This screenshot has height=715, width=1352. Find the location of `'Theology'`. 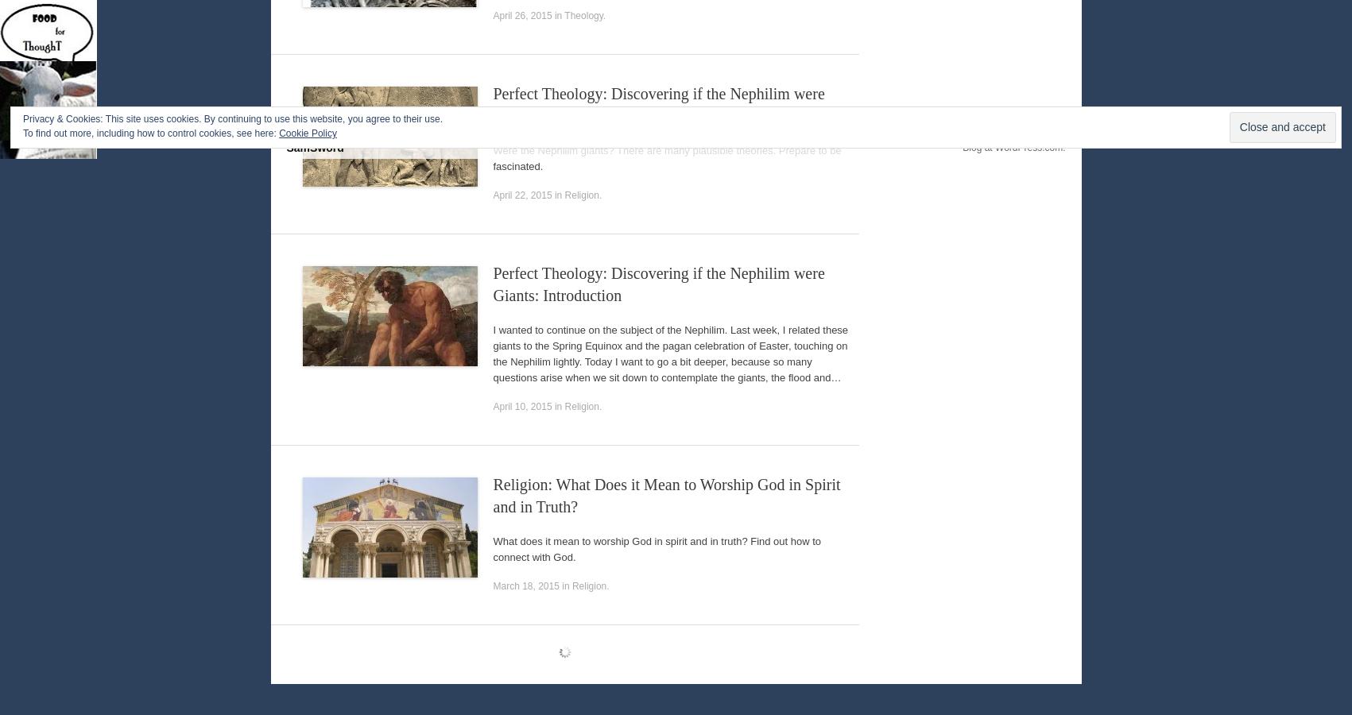

'Theology' is located at coordinates (583, 14).